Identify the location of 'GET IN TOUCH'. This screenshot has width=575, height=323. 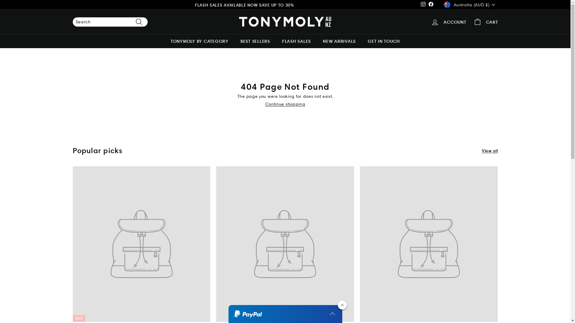
(384, 41).